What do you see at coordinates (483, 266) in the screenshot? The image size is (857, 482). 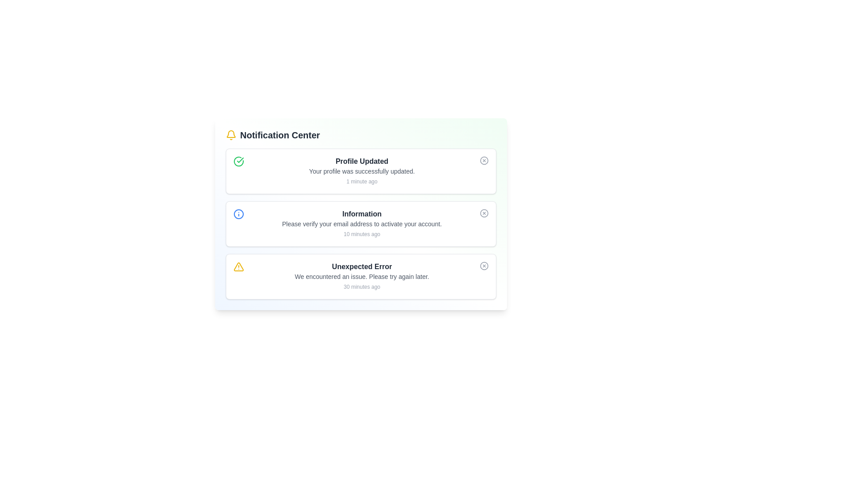 I see `the close button for the alert titled 'Unexpected Error'` at bounding box center [483, 266].